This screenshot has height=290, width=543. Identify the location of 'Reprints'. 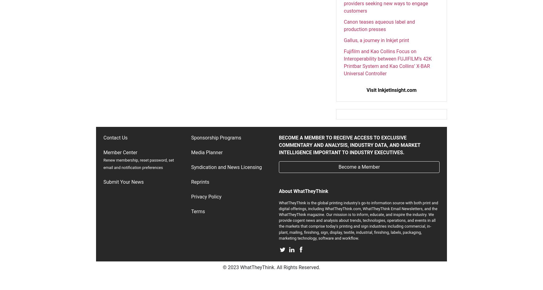
(200, 182).